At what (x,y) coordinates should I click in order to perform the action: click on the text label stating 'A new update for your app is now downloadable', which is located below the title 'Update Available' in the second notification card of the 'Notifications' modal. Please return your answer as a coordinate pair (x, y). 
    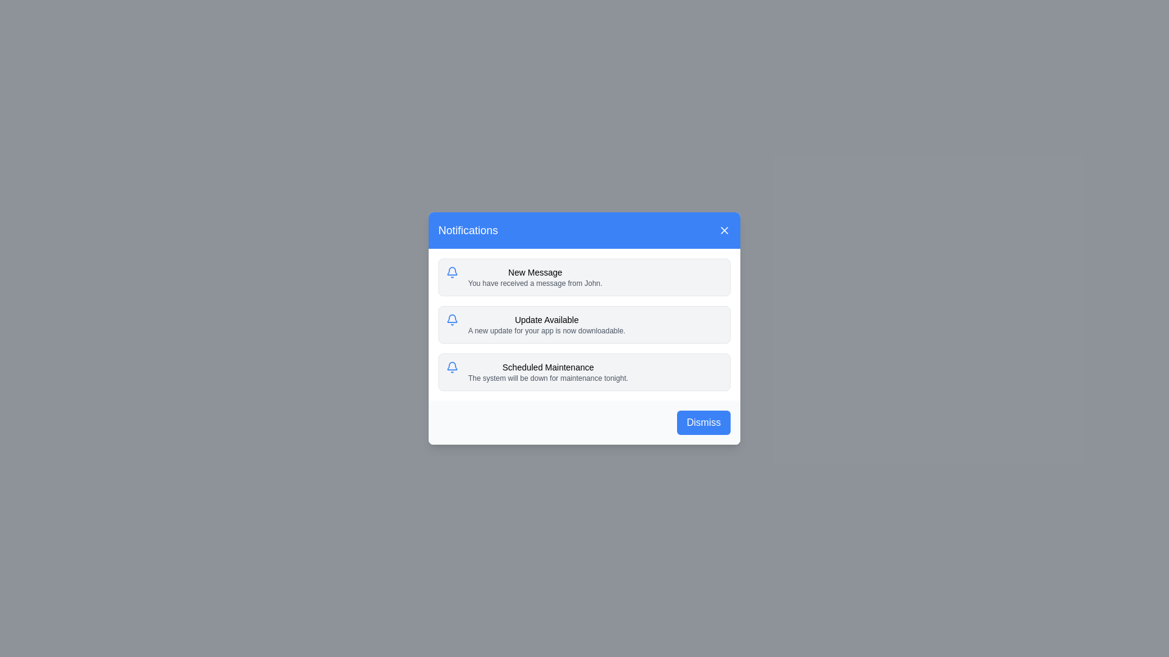
    Looking at the image, I should click on (546, 330).